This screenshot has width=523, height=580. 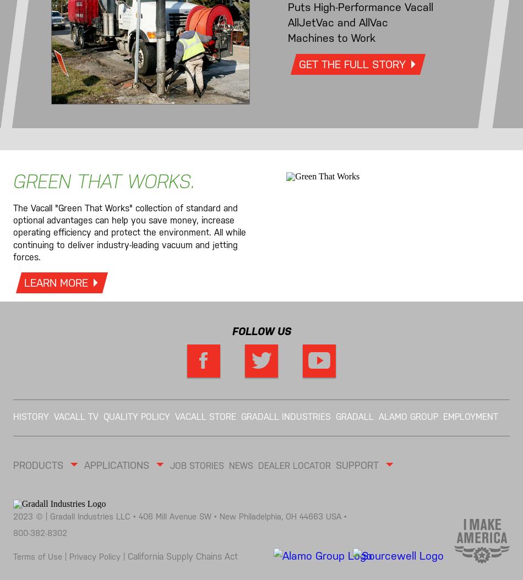 What do you see at coordinates (119, 464) in the screenshot?
I see `'APPLICATIONS'` at bounding box center [119, 464].